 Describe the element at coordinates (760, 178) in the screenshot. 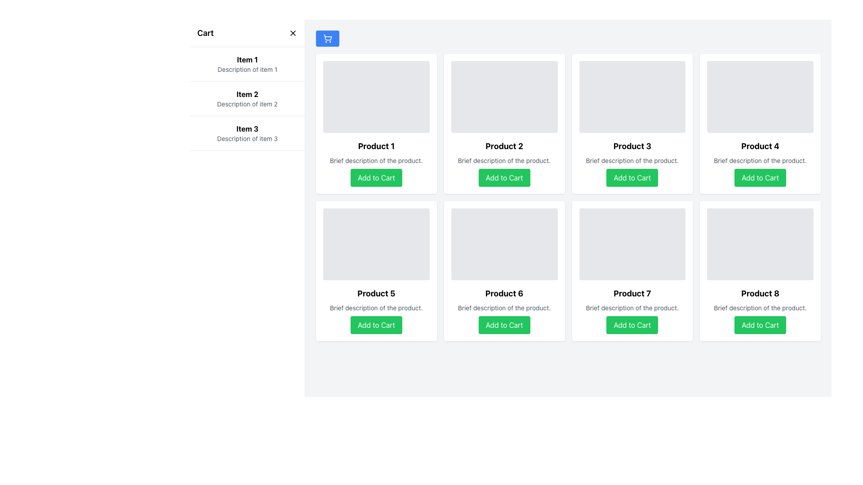

I see `the 'Add to Cart' button for 'Product 4' located at the bottom of the product card beneath the brief description` at that location.